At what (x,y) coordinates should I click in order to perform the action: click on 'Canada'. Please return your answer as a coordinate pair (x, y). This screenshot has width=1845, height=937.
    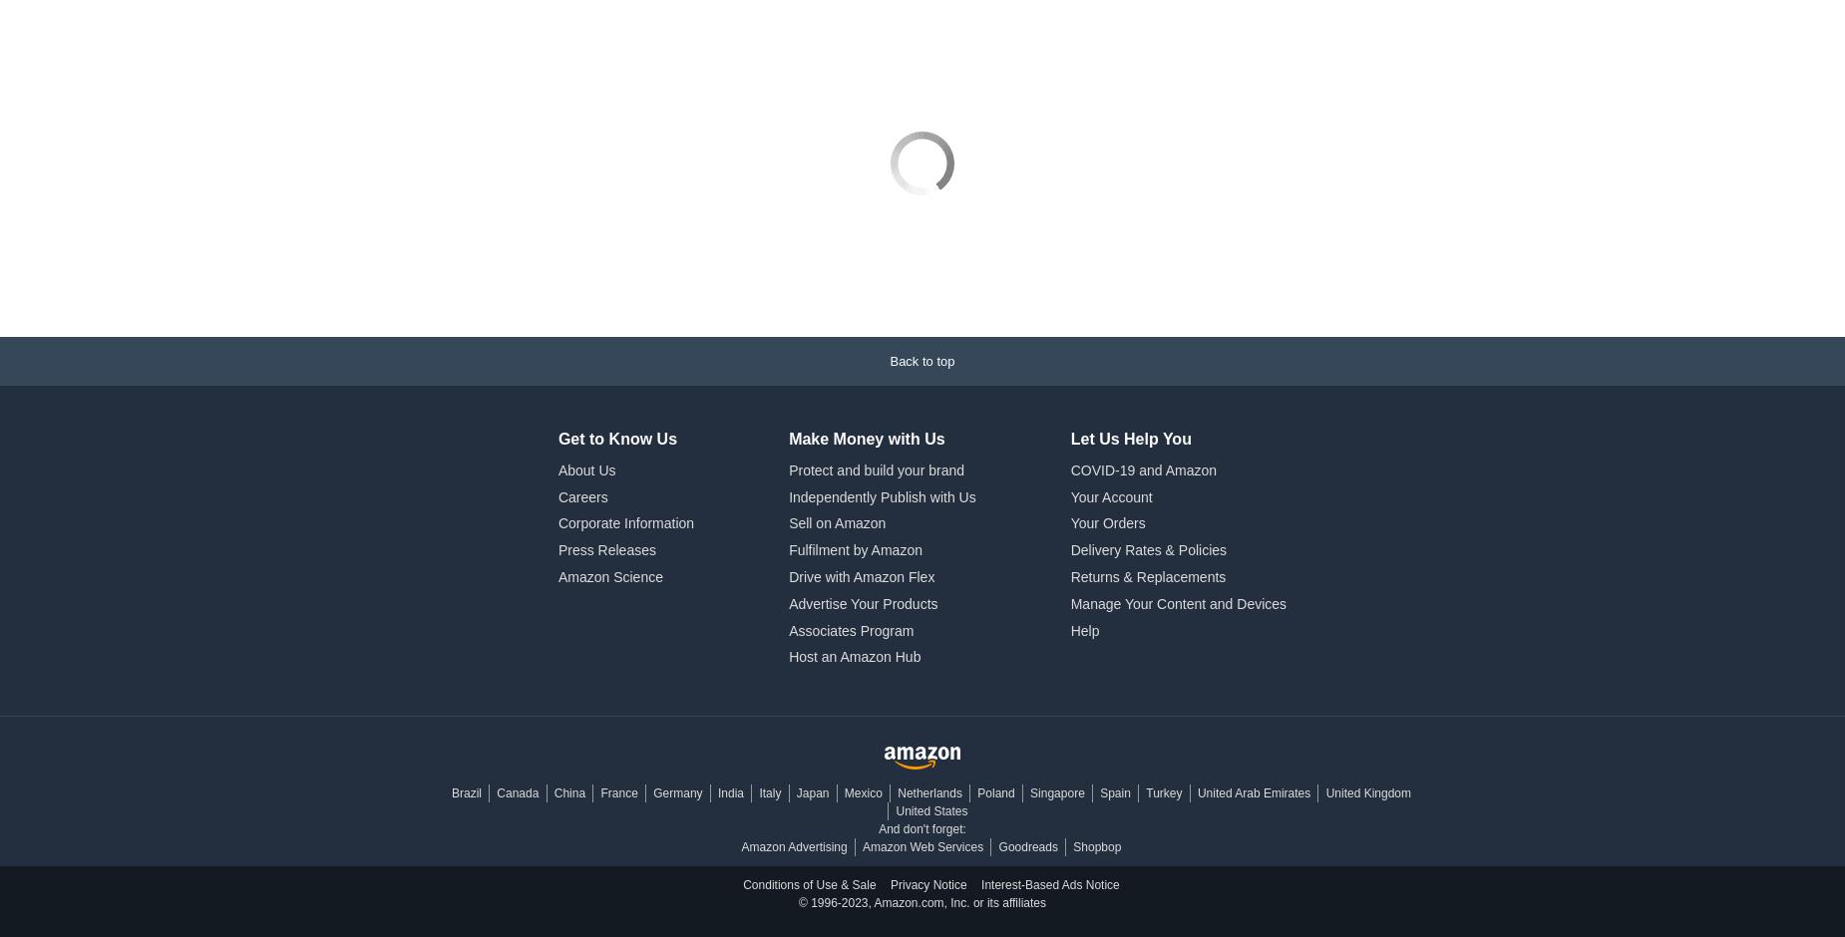
    Looking at the image, I should click on (517, 681).